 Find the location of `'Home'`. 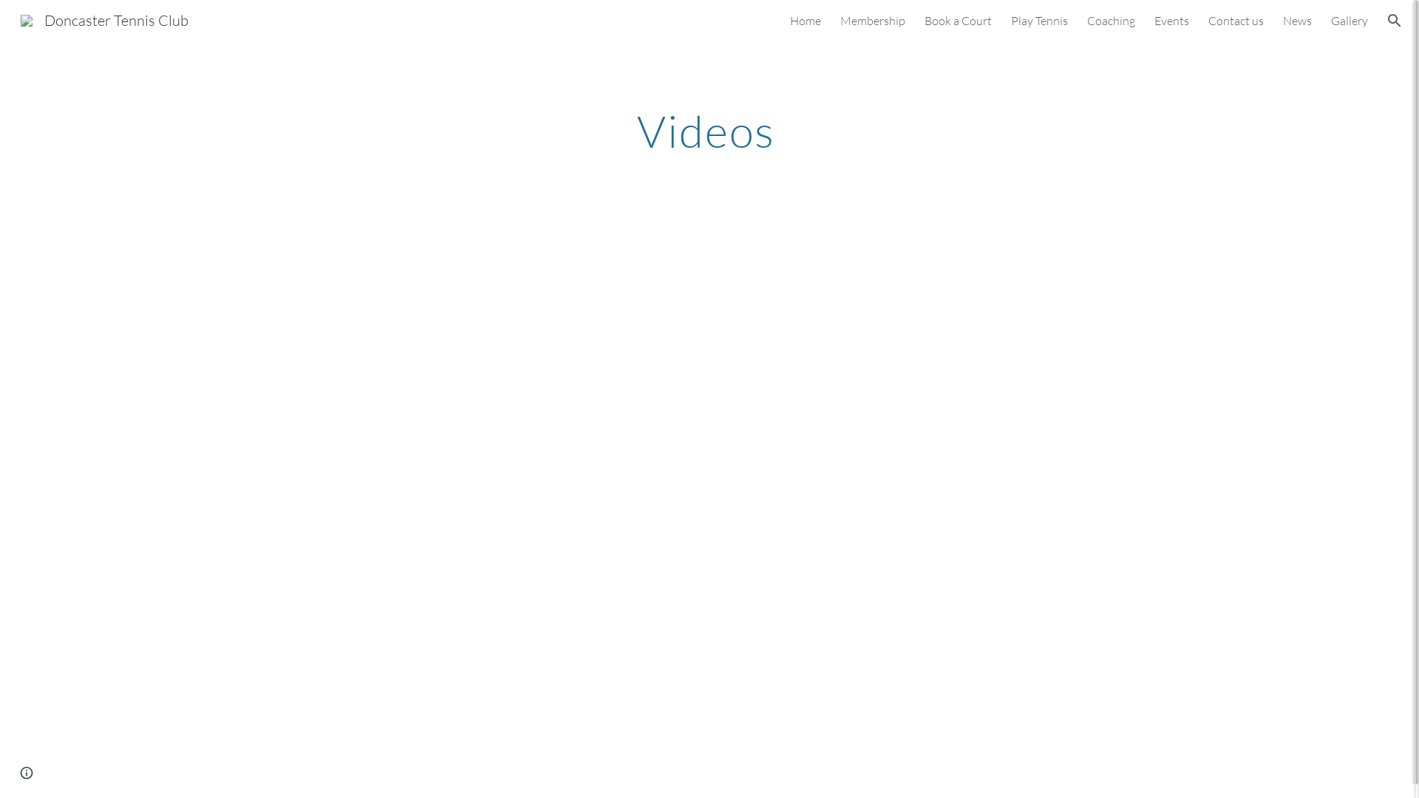

'Home' is located at coordinates (804, 20).